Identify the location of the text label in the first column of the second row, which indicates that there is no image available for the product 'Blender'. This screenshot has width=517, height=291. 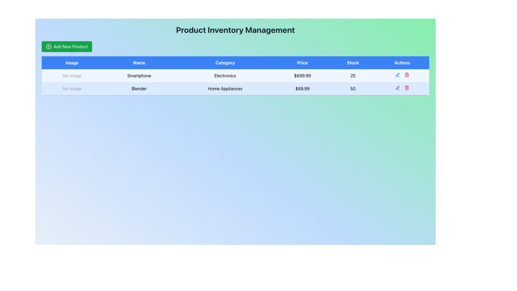
(72, 88).